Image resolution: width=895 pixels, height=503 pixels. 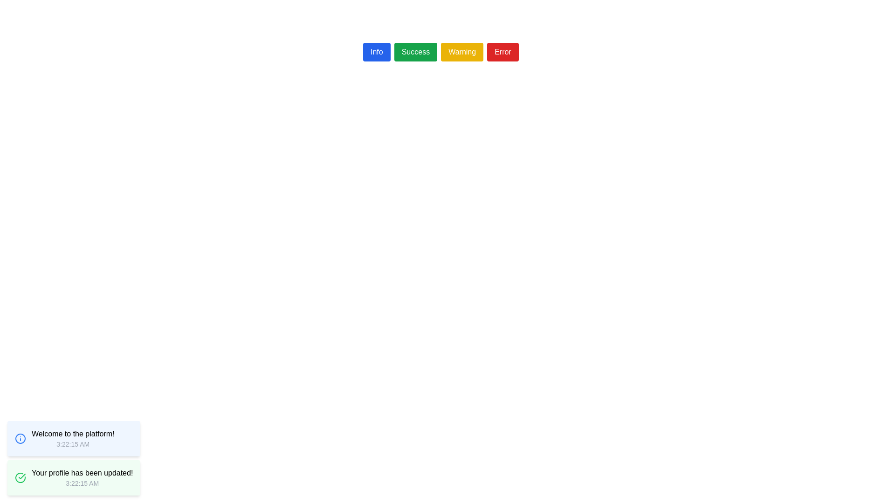 I want to click on the blue 'Info' button with white text, which is the first in a horizontal sequence of buttons, so click(x=377, y=52).